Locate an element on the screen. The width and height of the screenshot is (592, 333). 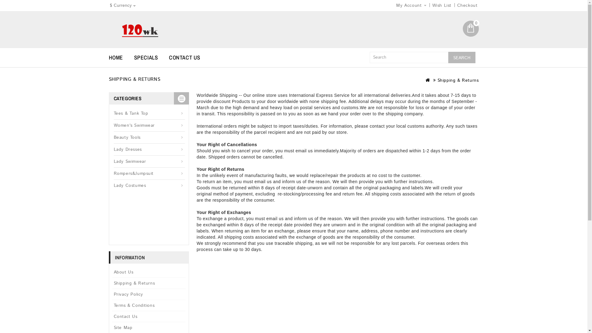
'CONTACT US' is located at coordinates (169, 57).